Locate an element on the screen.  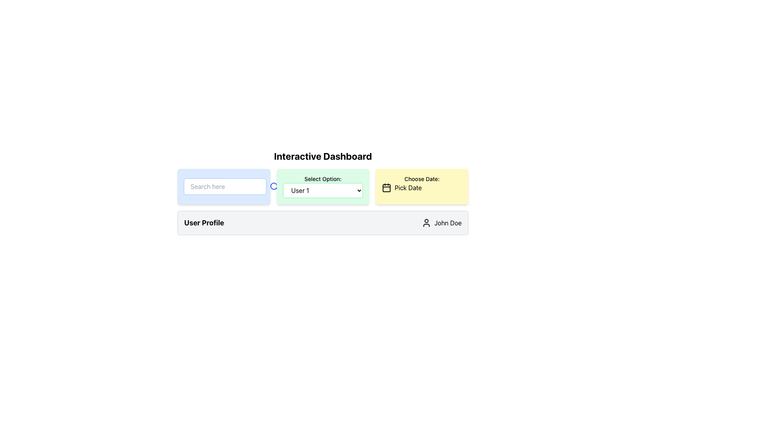
the green dropdown menu labeled 'Select Option:' which contains the default value 'User 1' is located at coordinates (323, 186).